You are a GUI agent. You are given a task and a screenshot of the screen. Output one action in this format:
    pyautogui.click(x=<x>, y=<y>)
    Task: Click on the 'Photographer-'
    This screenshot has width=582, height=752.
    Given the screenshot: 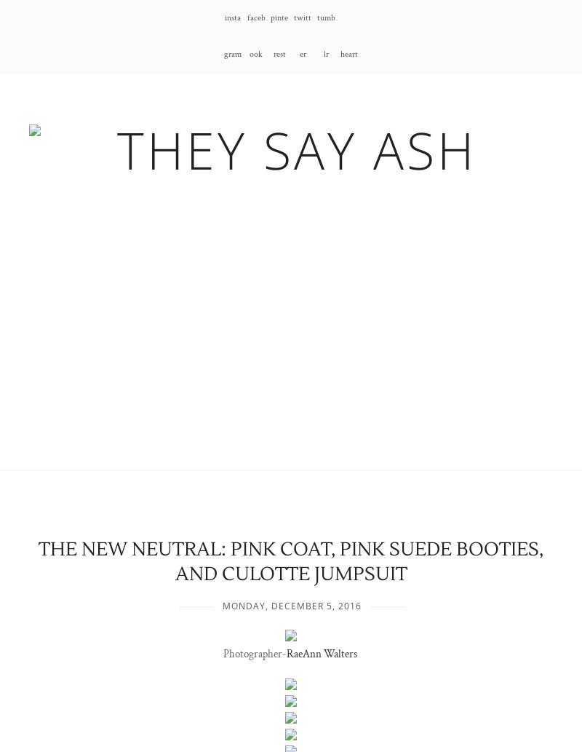 What is the action you would take?
    pyautogui.click(x=254, y=652)
    